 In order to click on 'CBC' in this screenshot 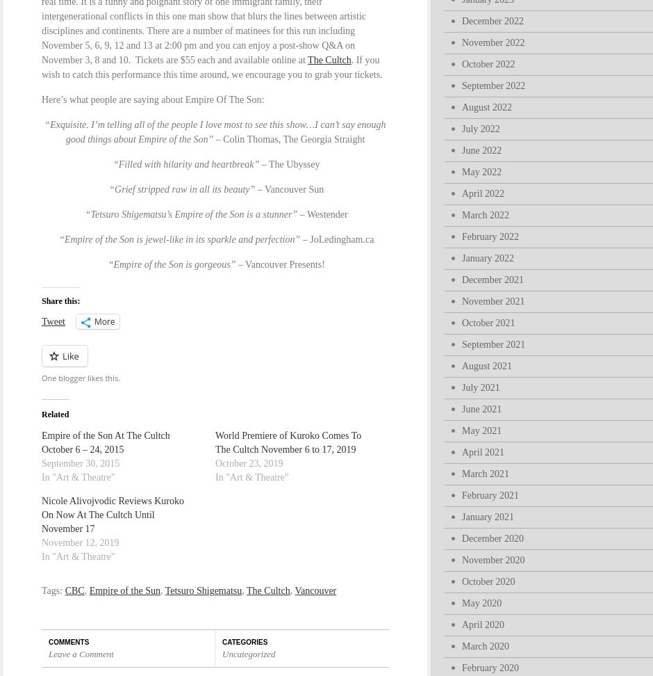, I will do `click(74, 590)`.